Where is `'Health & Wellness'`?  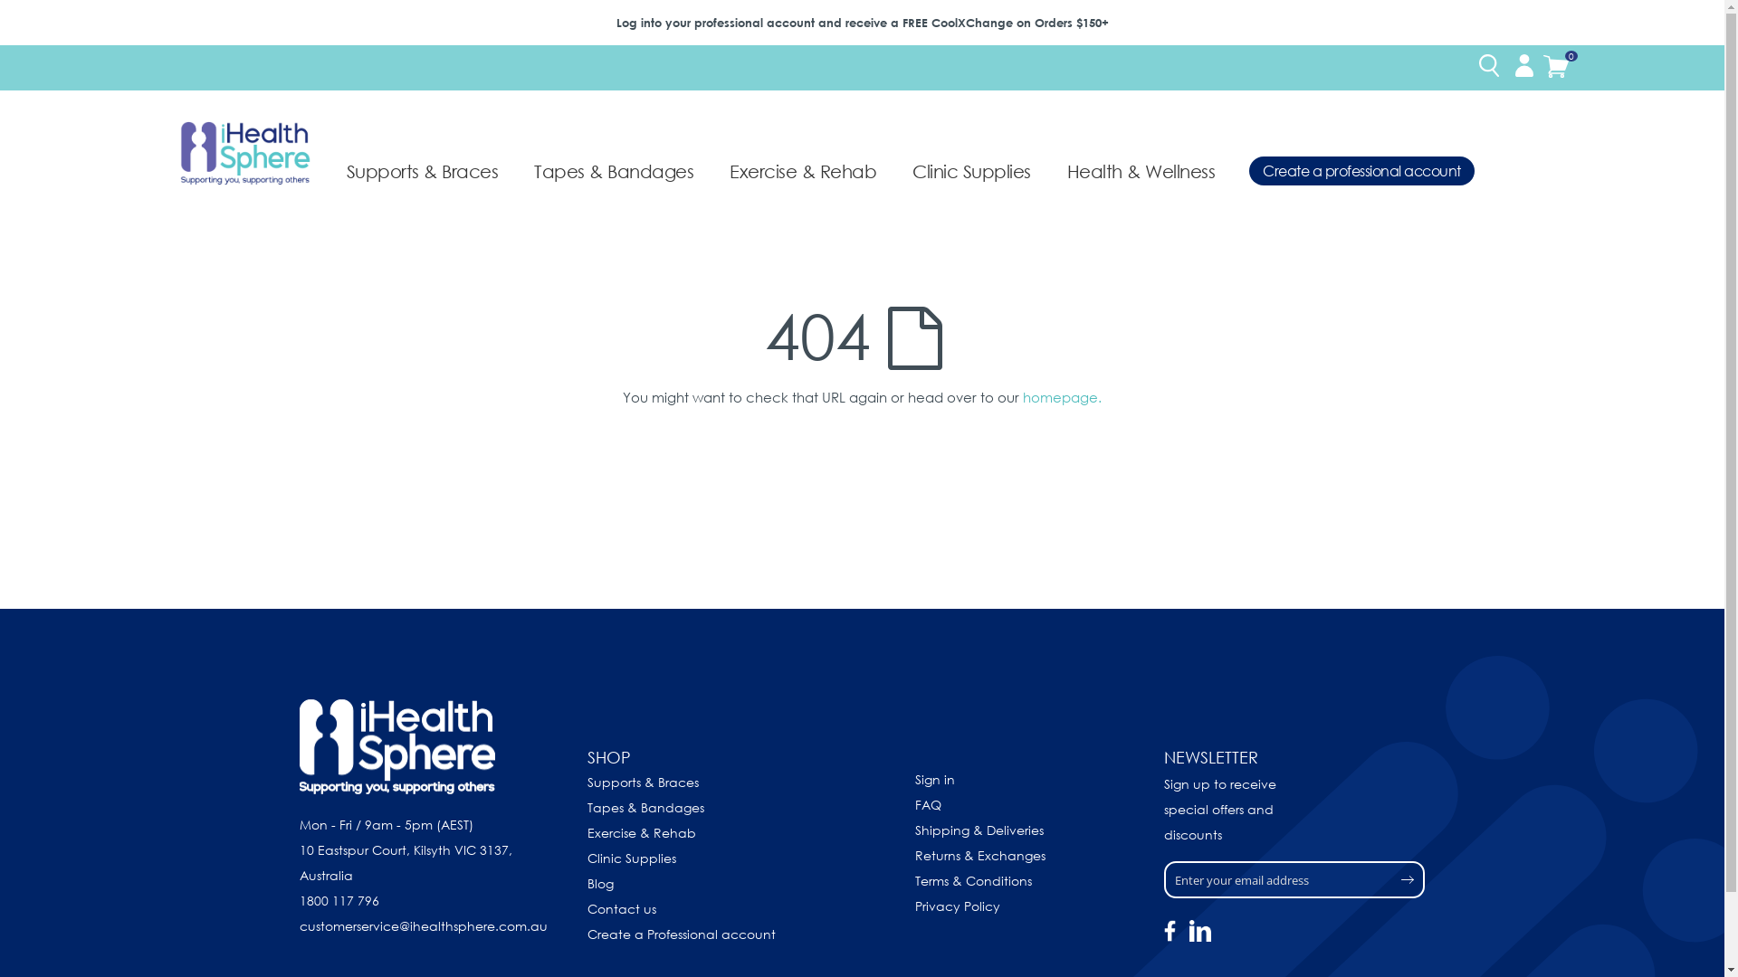 'Health & Wellness' is located at coordinates (1141, 170).